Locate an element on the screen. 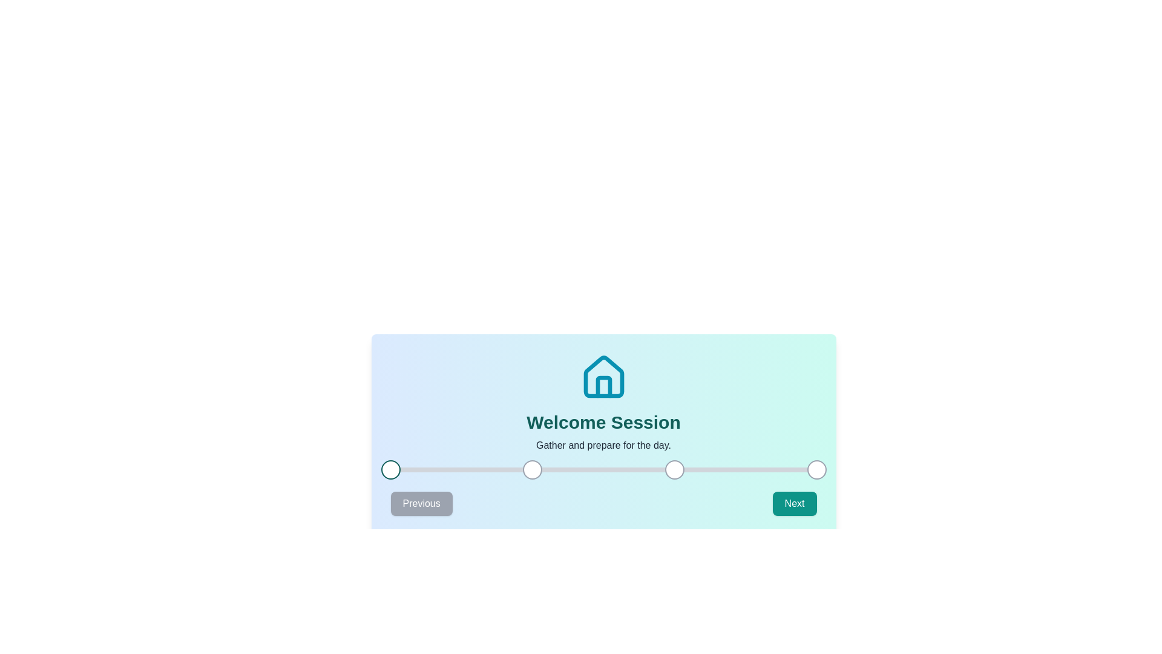 This screenshot has height=654, width=1162. the progress indicator corresponding to step 2 is located at coordinates (533, 469).